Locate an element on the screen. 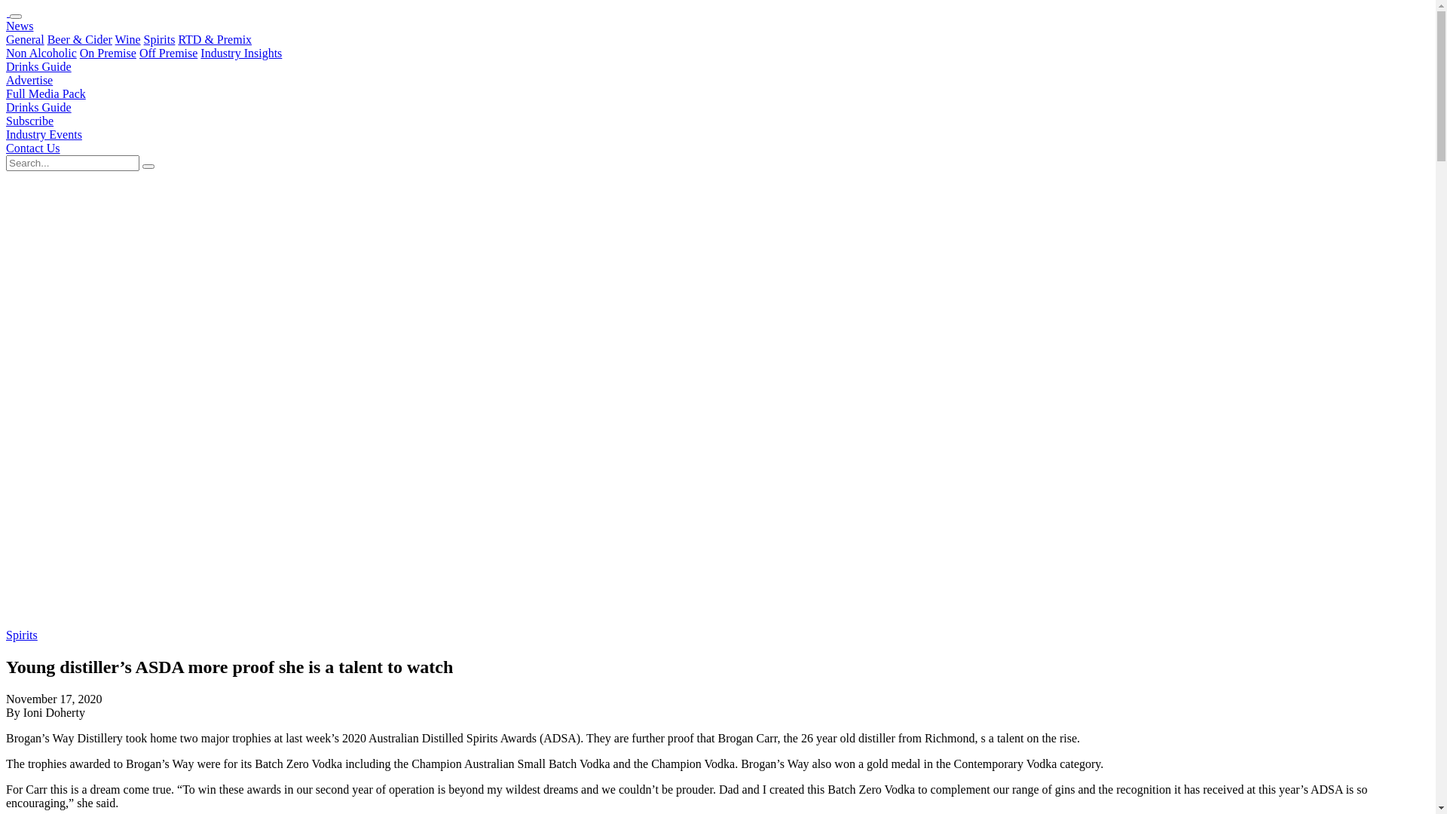 This screenshot has height=814, width=1447. 'Spirits' is located at coordinates (6, 635).